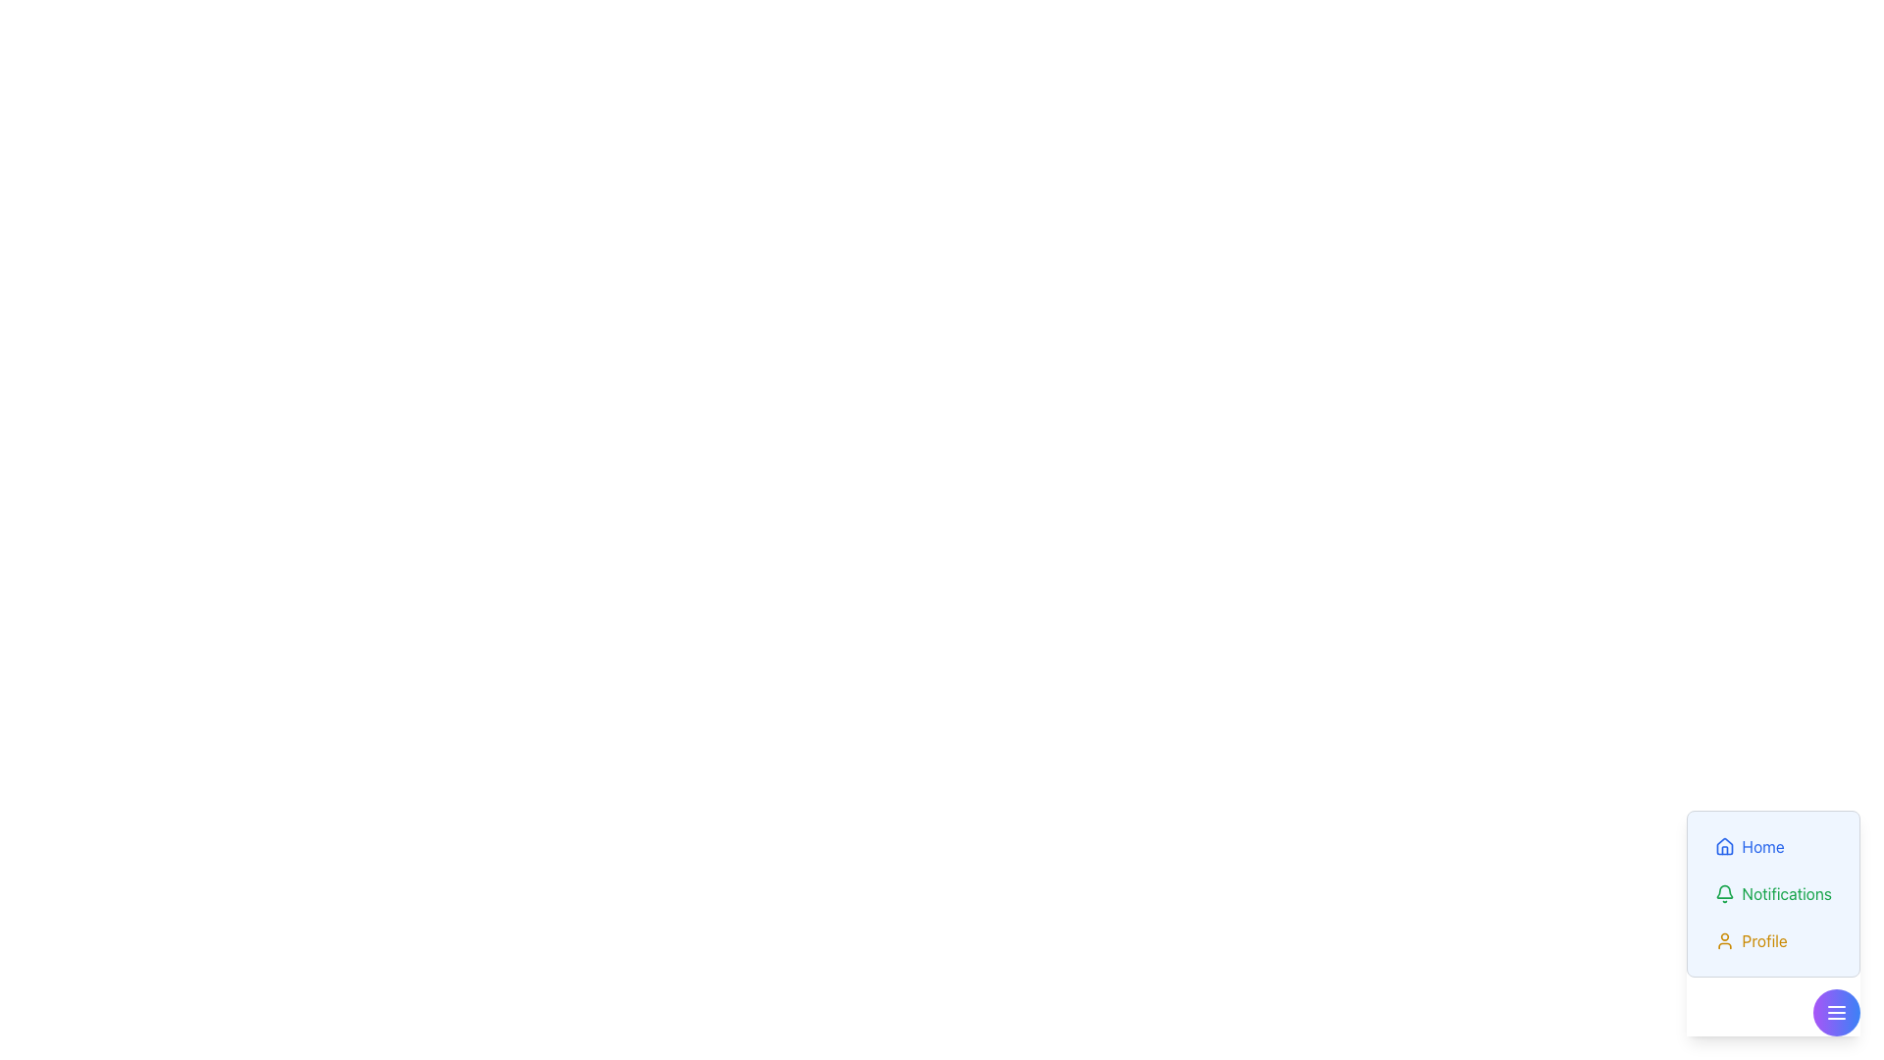  What do you see at coordinates (1723, 940) in the screenshot?
I see `the small orange user profile icon located to the left of the 'Profile' label in the bottom-right navigation menu` at bounding box center [1723, 940].